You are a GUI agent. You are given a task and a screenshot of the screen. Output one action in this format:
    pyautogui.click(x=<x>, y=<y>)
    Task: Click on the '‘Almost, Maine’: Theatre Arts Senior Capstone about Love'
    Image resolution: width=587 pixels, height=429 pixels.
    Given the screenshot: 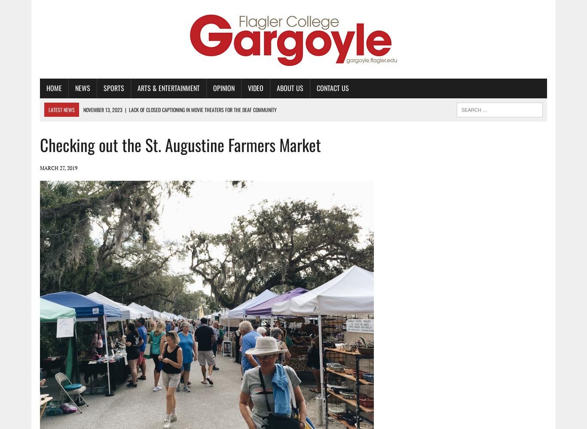 What is the action you would take?
    pyautogui.click(x=154, y=123)
    